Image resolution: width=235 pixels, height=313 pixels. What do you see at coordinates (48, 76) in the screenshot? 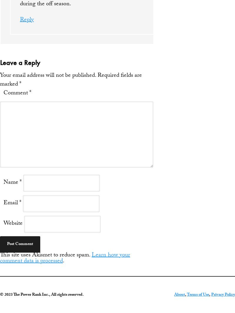
I see `'Your email address will not be published.'` at bounding box center [48, 76].